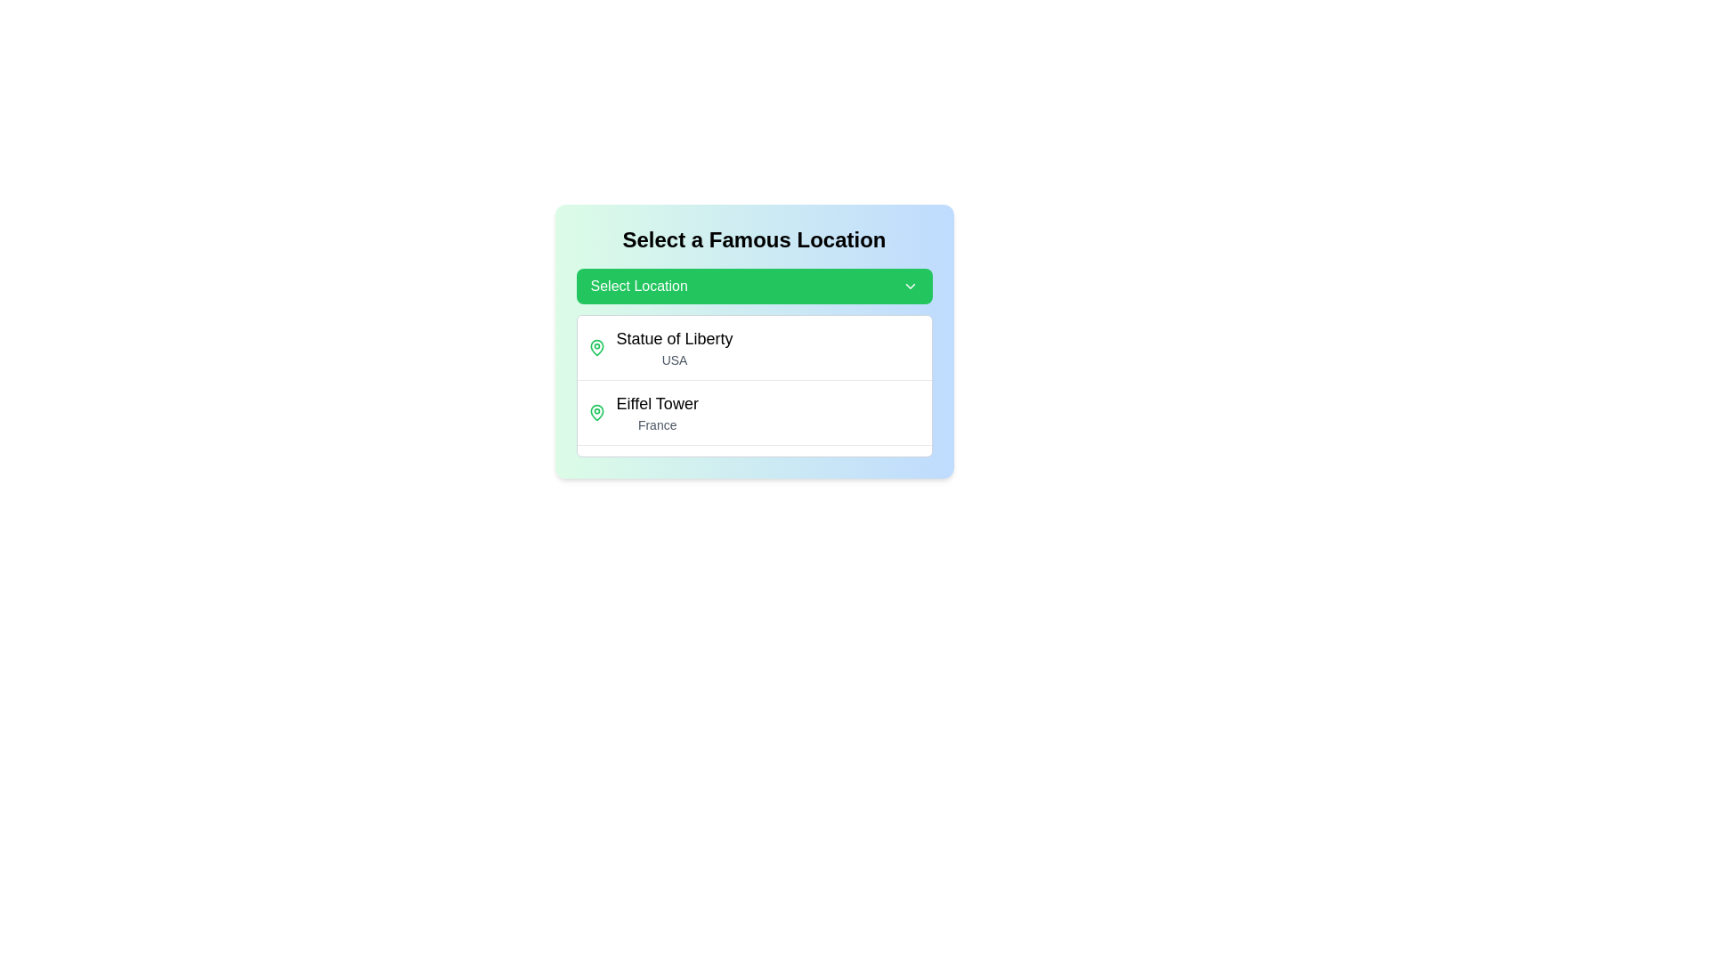 Image resolution: width=1709 pixels, height=961 pixels. I want to click on the text label displaying 'Eiffel Tower' which is styled with a large and bold font and is located above the smaller gray text 'France' in a dropdown list of famous locations, so click(656, 404).